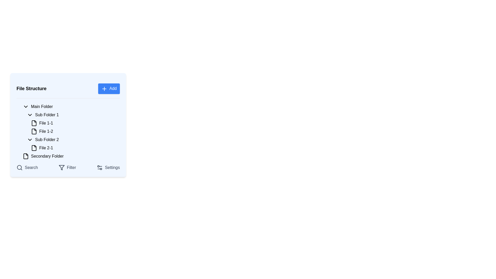 The height and width of the screenshot is (279, 496). What do you see at coordinates (27, 167) in the screenshot?
I see `the leftmost button in the bottom section of the sidebar` at bounding box center [27, 167].